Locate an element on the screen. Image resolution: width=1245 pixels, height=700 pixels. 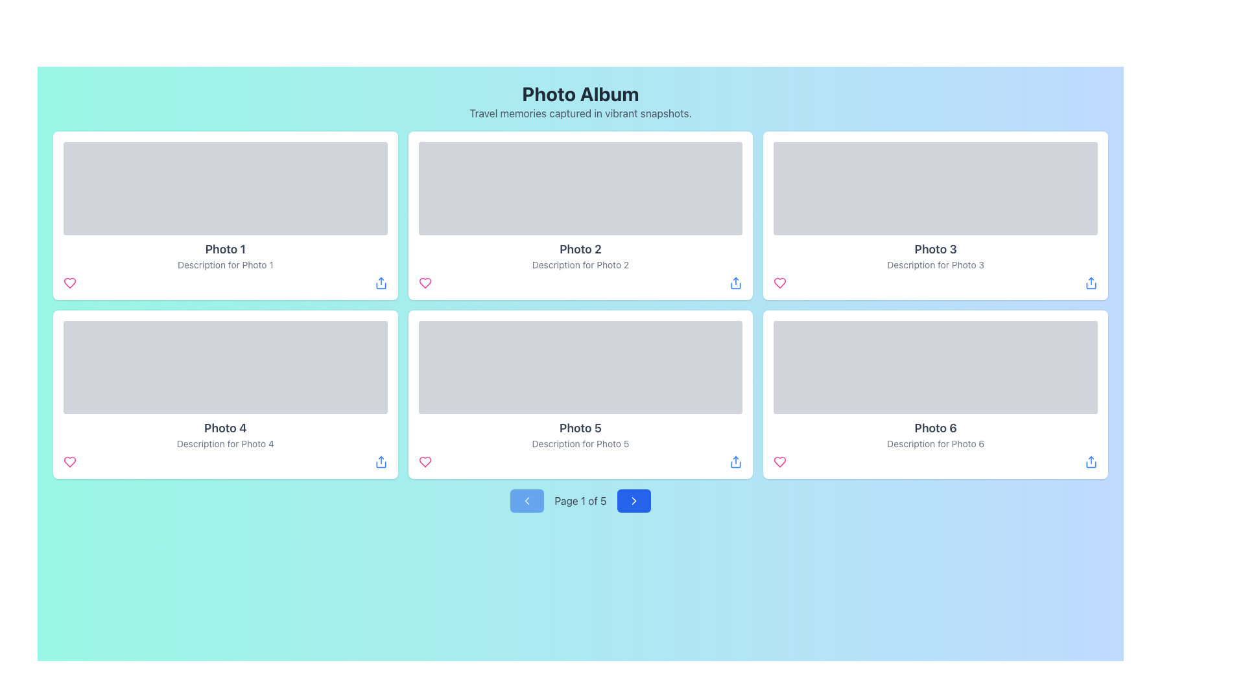
the second card in the grid representing 'Photo 2' is located at coordinates (580, 215).